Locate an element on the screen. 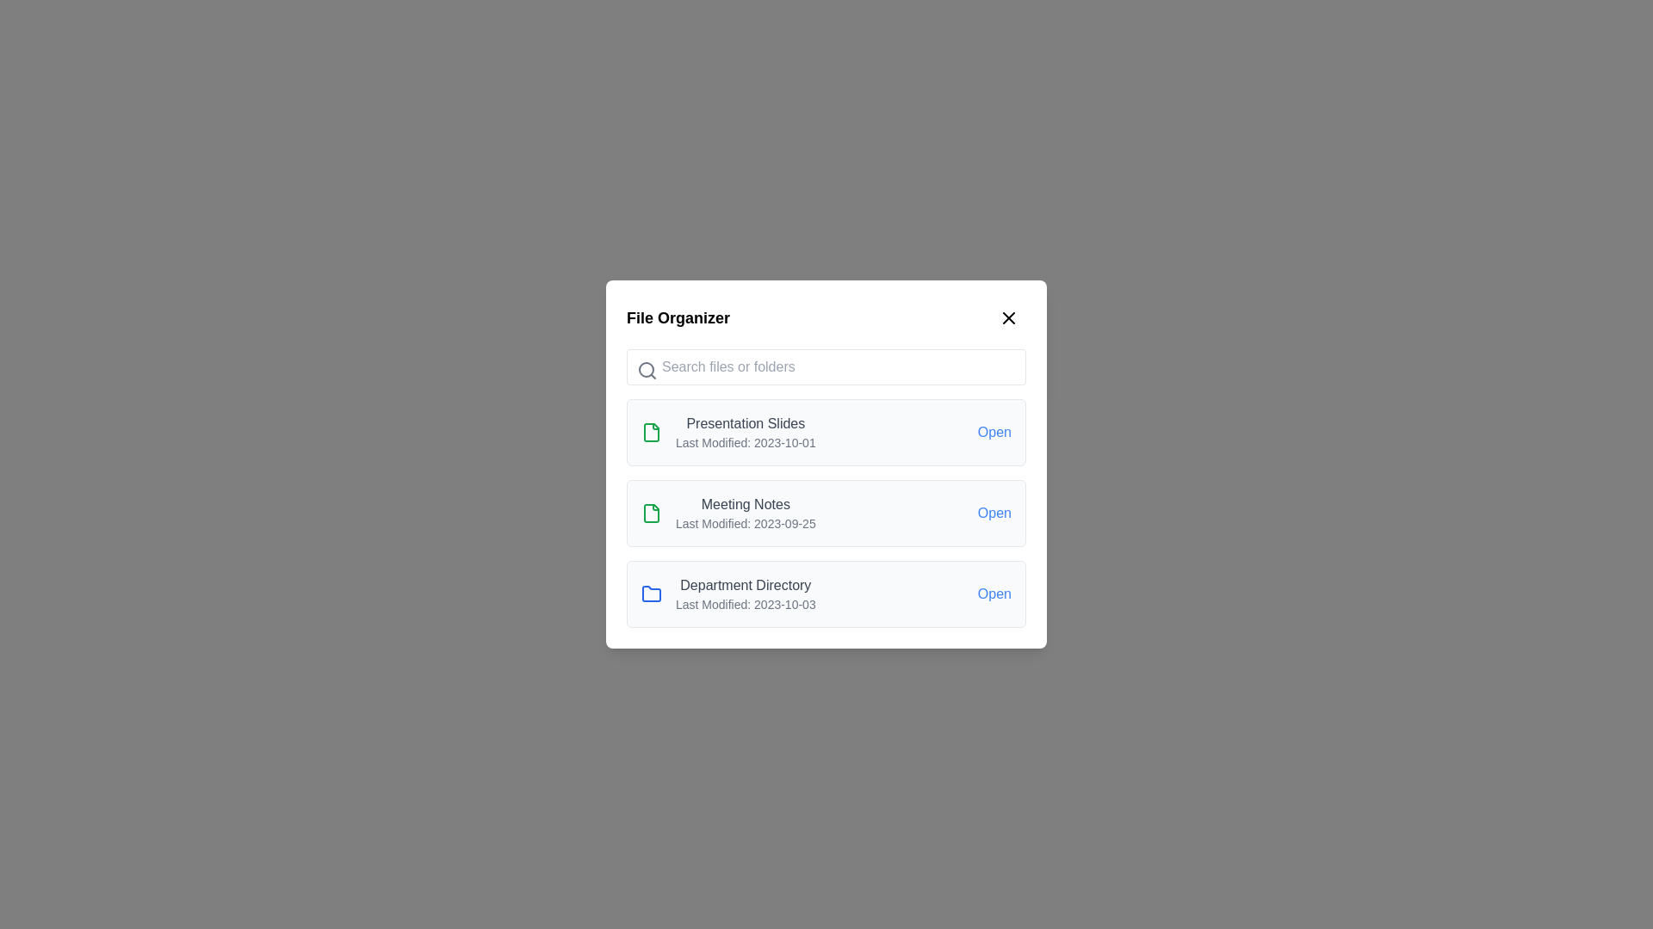 The width and height of the screenshot is (1653, 929). the 'Open' button for Meeting Notes is located at coordinates (994, 513).